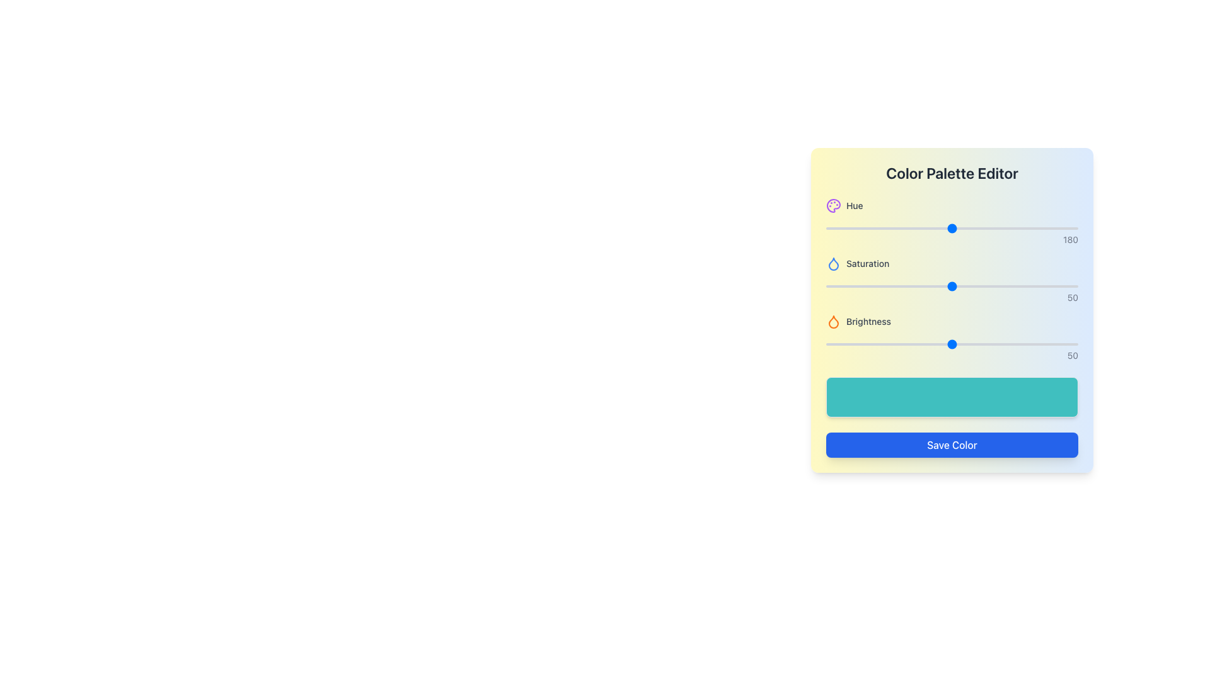  Describe the element at coordinates (834, 263) in the screenshot. I see `the saturation icon located to the left of the 'Saturation' text label in the color adjustment interface` at that location.